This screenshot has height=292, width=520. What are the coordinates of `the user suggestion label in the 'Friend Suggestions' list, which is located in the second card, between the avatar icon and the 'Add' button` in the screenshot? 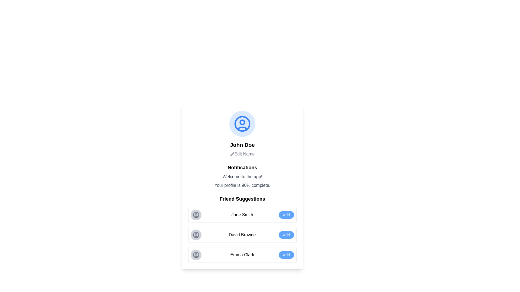 It's located at (242, 234).